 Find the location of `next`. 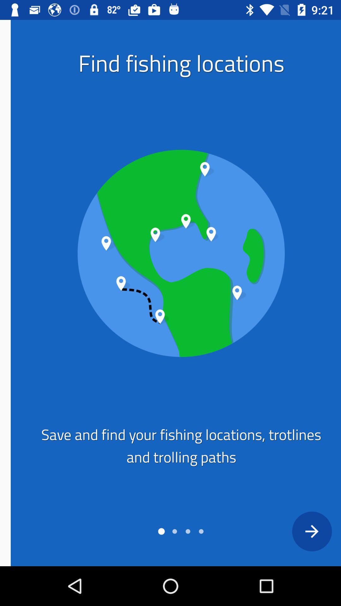

next is located at coordinates (301, 531).